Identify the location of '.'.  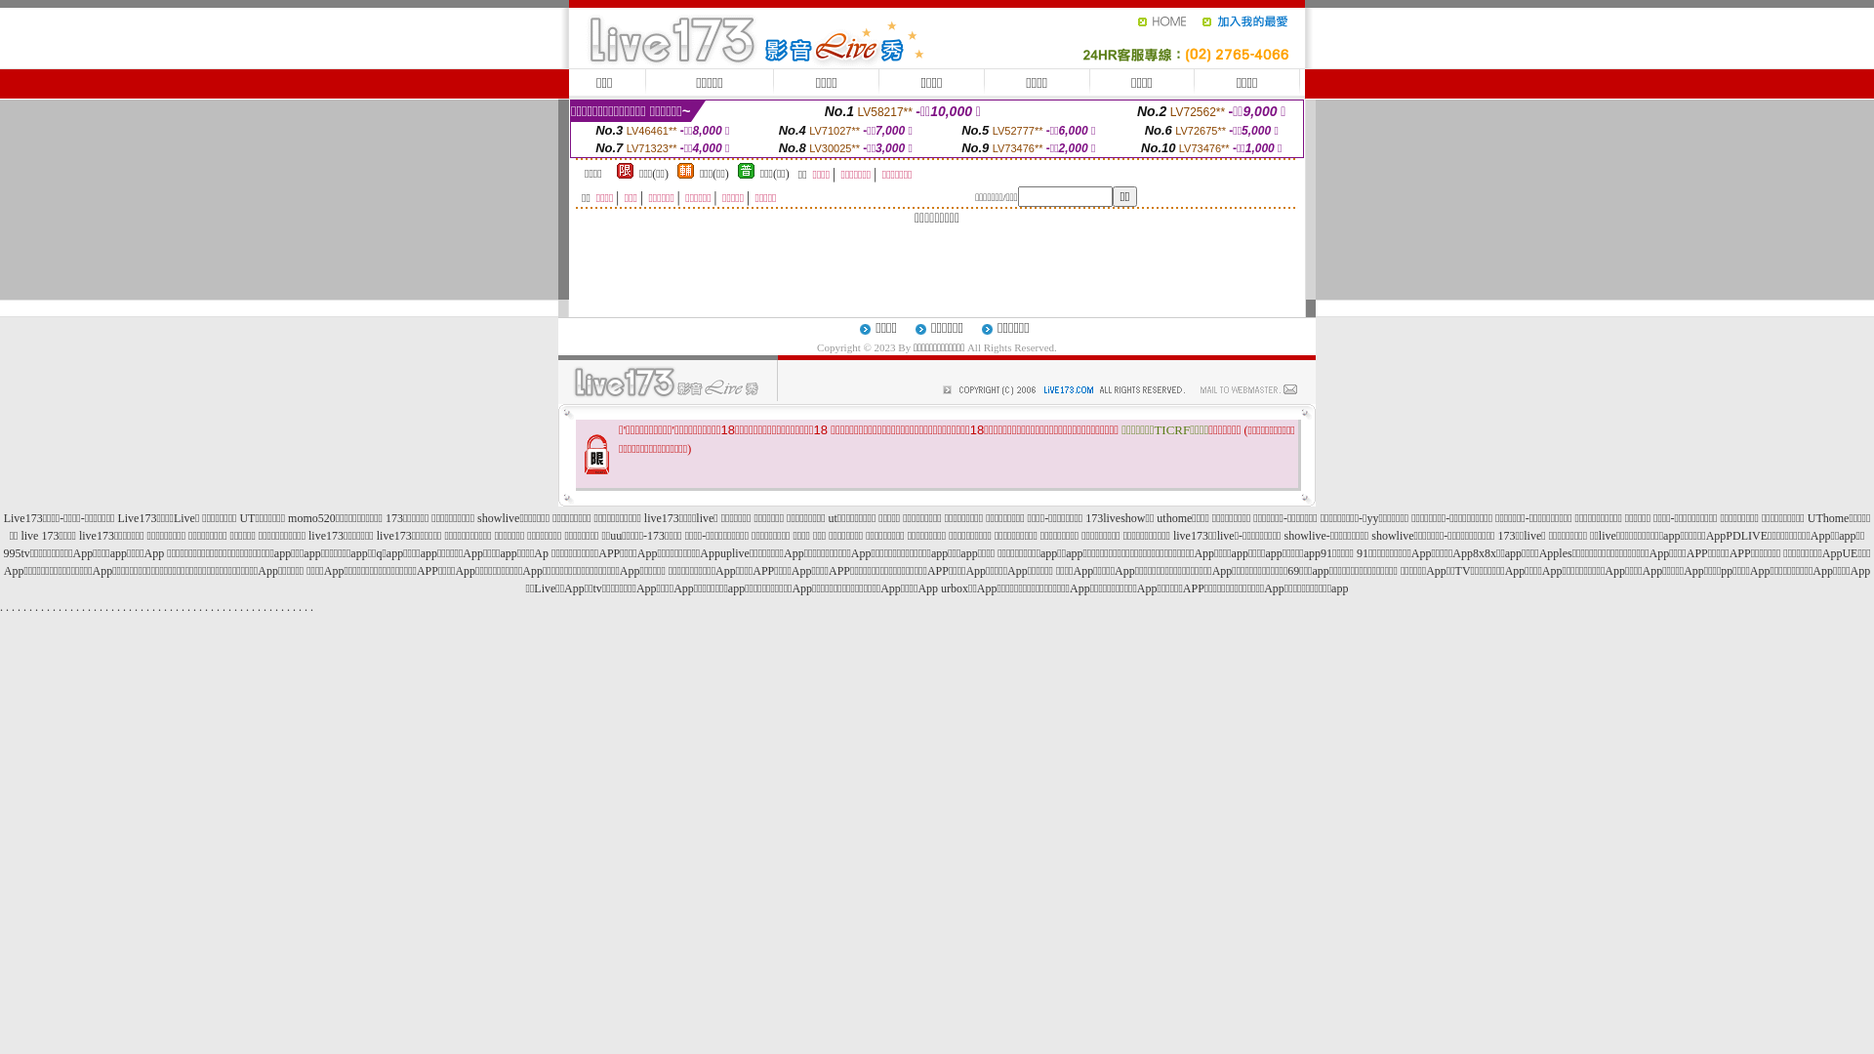
(159, 605).